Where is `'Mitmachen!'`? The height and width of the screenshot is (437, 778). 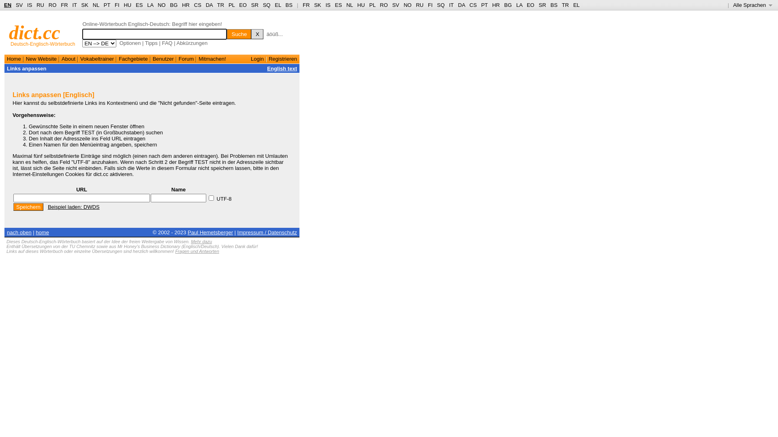 'Mitmachen!' is located at coordinates (198, 58).